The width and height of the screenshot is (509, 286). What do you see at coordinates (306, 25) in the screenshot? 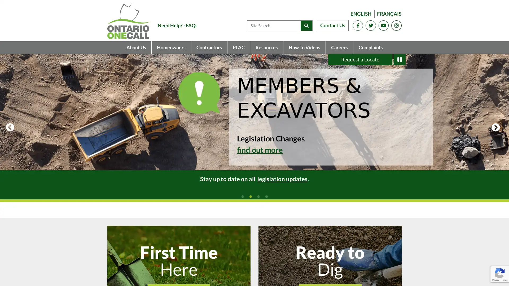
I see `Search` at bounding box center [306, 25].